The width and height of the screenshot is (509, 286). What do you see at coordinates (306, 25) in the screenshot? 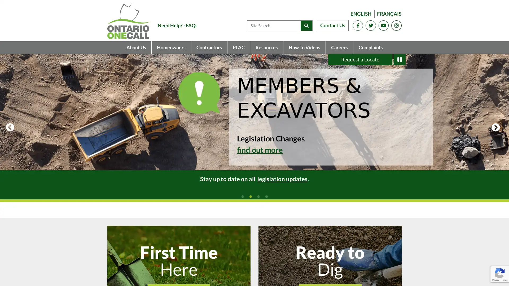
I see `Search` at bounding box center [306, 25].